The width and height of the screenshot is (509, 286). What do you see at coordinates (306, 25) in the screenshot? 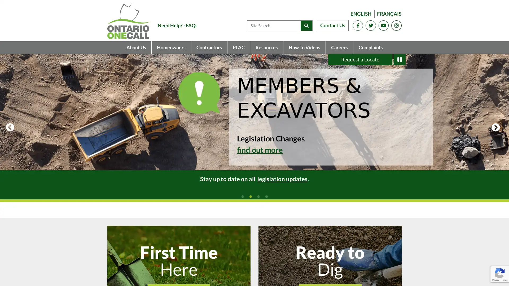
I see `Search` at bounding box center [306, 25].